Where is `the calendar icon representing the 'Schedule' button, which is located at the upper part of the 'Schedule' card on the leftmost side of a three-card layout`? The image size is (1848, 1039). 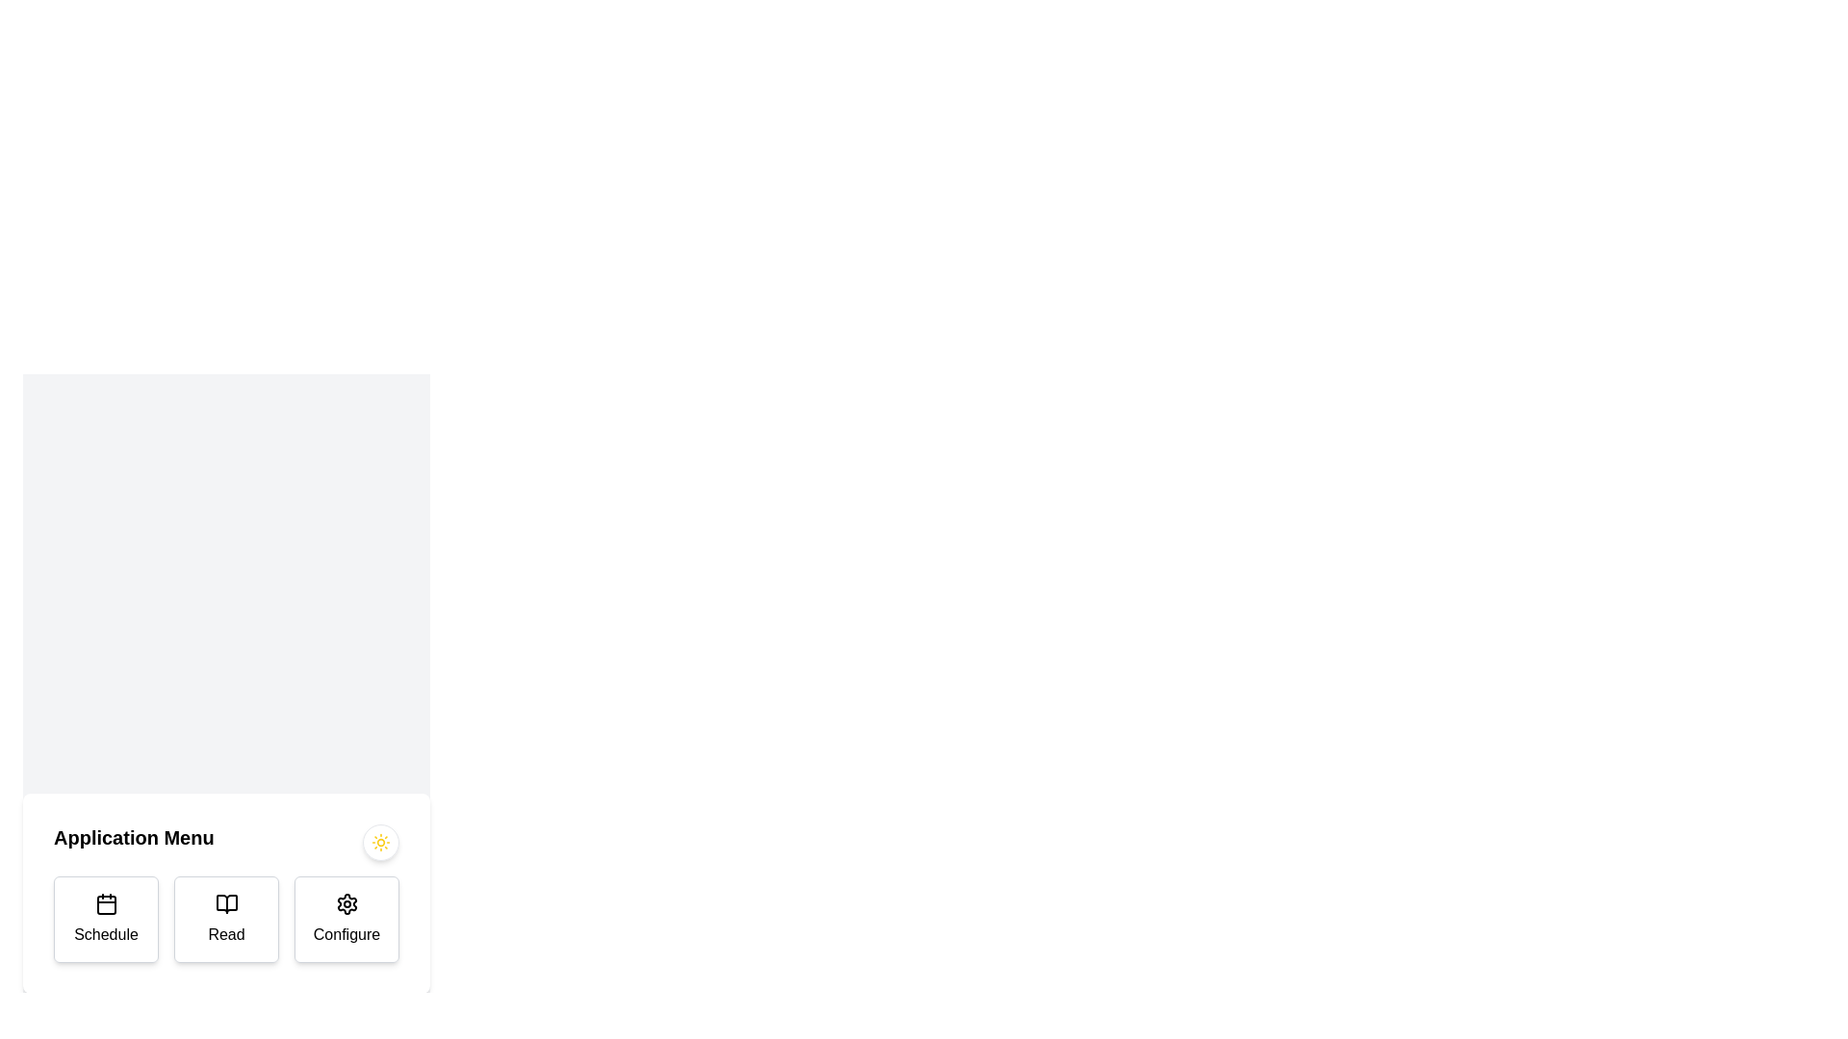
the calendar icon representing the 'Schedule' button, which is located at the upper part of the 'Schedule' card on the leftmost side of a three-card layout is located at coordinates (105, 904).